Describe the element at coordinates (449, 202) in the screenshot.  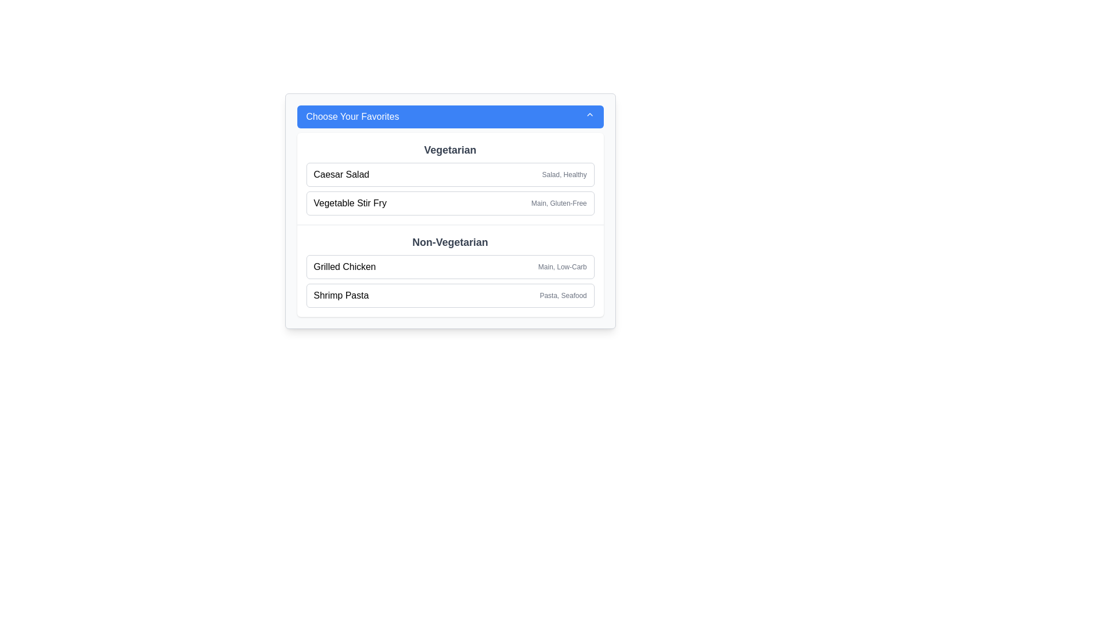
I see `the button-like list item labeled 'Vegetable Stir Fry', which is the second item in the 'Vegetarian' category` at that location.